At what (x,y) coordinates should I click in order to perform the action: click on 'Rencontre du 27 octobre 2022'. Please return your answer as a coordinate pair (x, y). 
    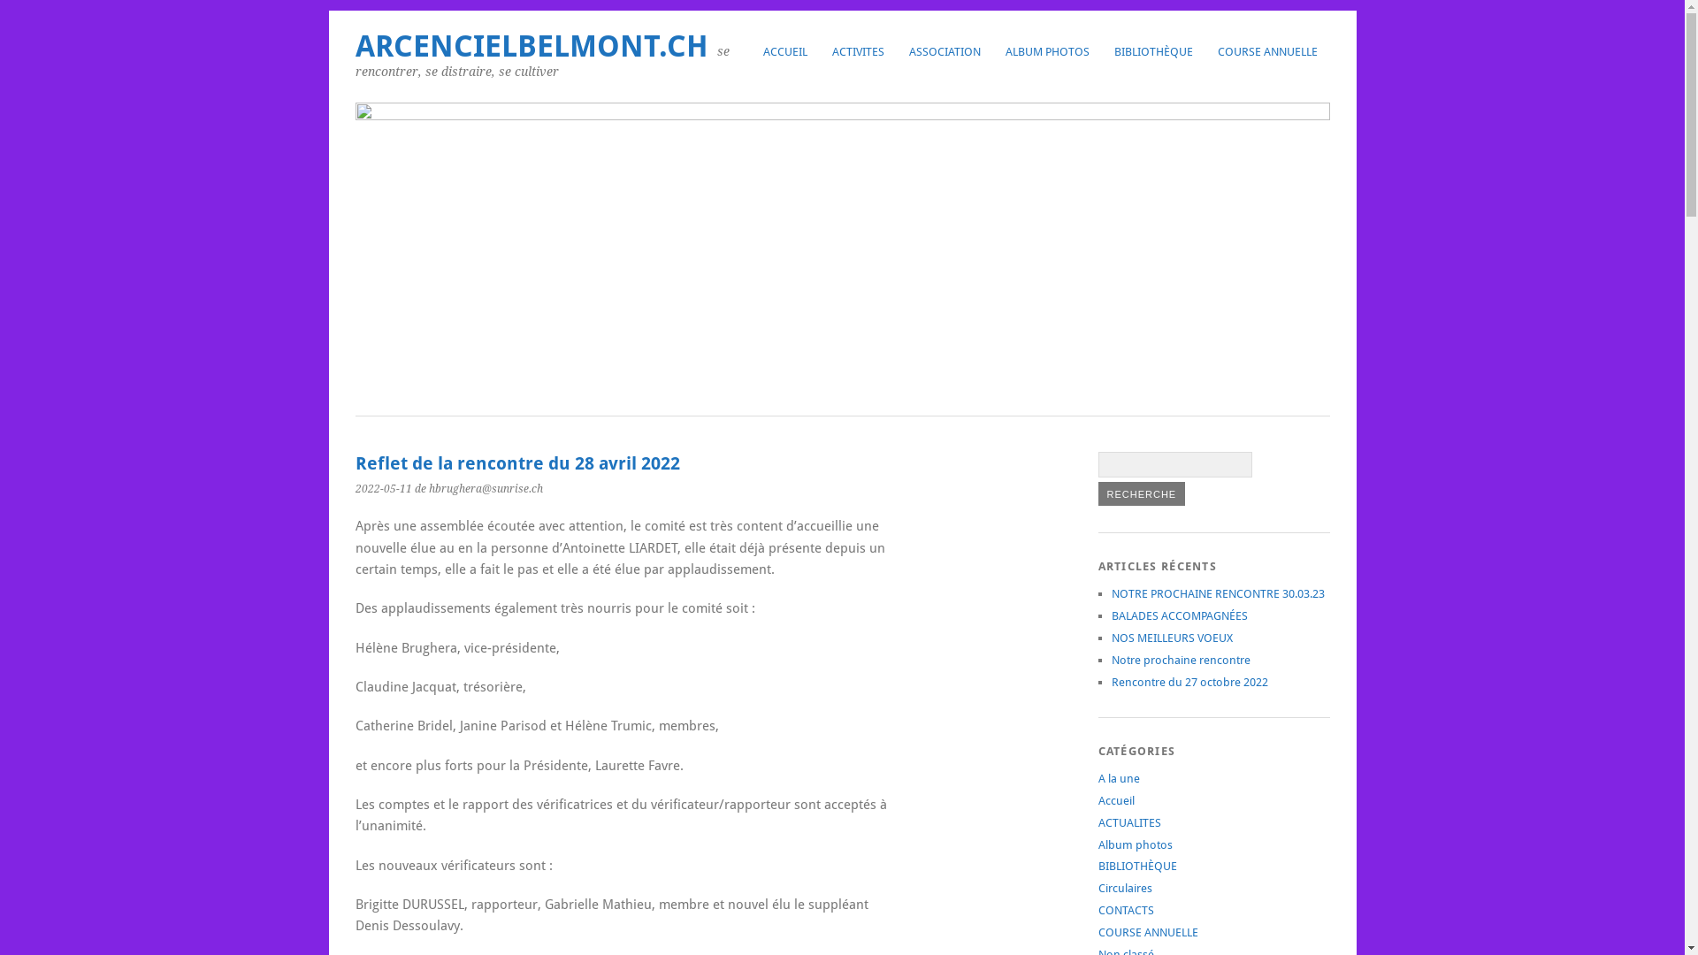
    Looking at the image, I should click on (1189, 681).